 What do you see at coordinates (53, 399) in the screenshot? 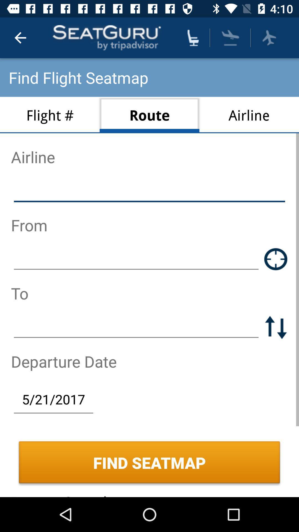
I see `5/21/2017 icon` at bounding box center [53, 399].